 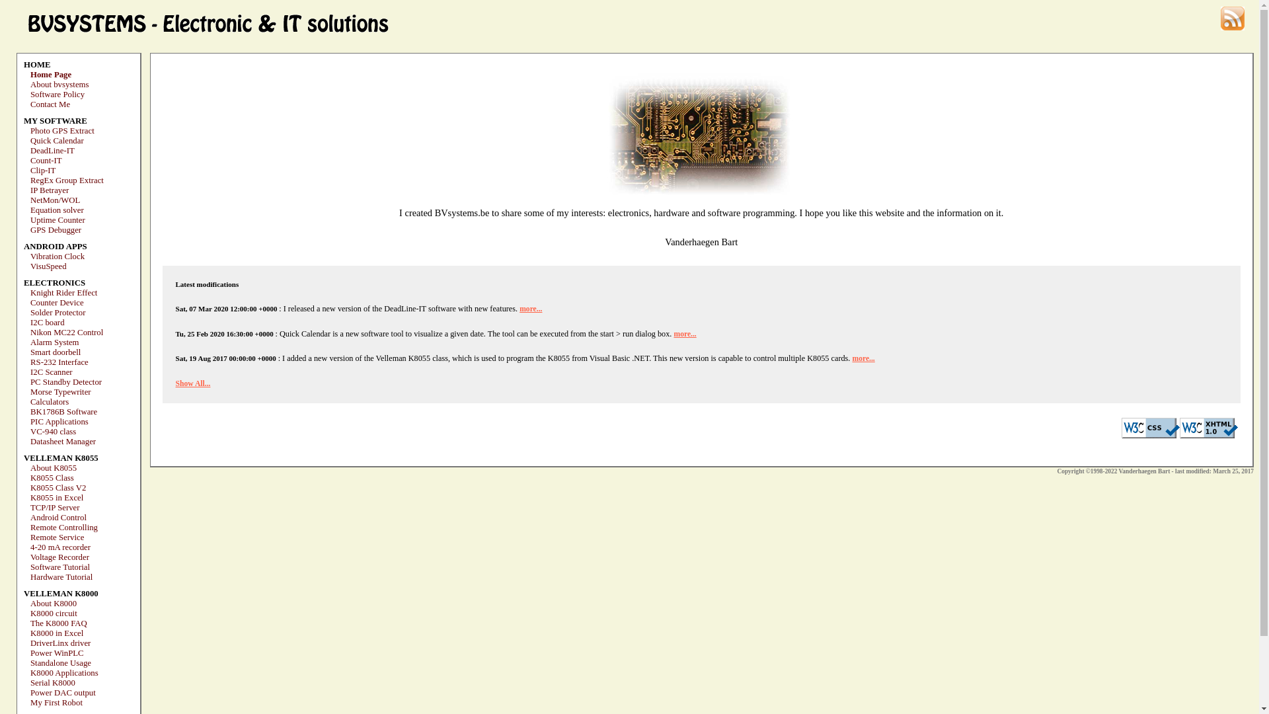 What do you see at coordinates (30, 372) in the screenshot?
I see `'I2C Scanner'` at bounding box center [30, 372].